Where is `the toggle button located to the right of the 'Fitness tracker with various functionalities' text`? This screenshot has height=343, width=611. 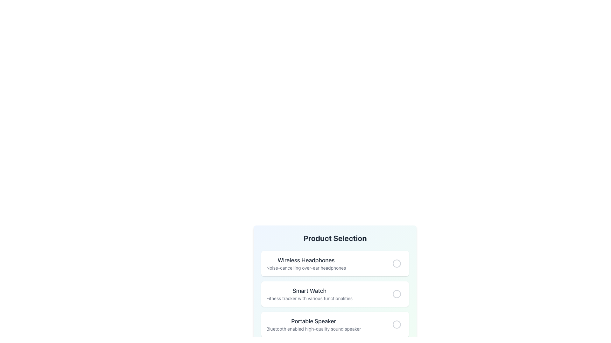
the toggle button located to the right of the 'Fitness tracker with various functionalities' text is located at coordinates (397, 294).